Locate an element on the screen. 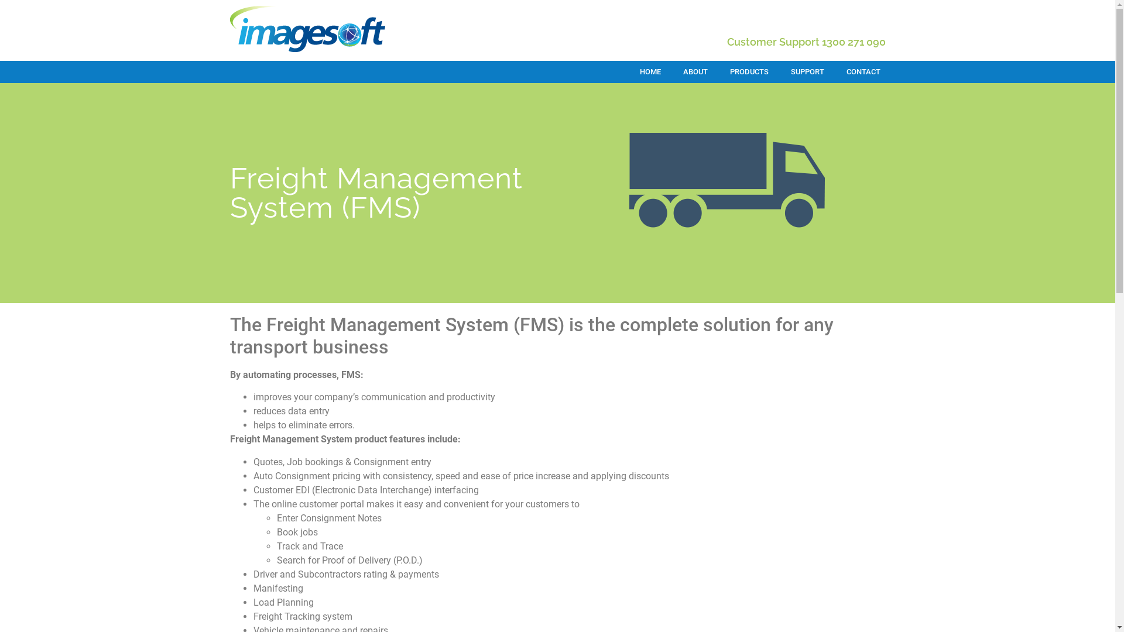 The height and width of the screenshot is (632, 1124). 'SUPPORT' is located at coordinates (807, 72).